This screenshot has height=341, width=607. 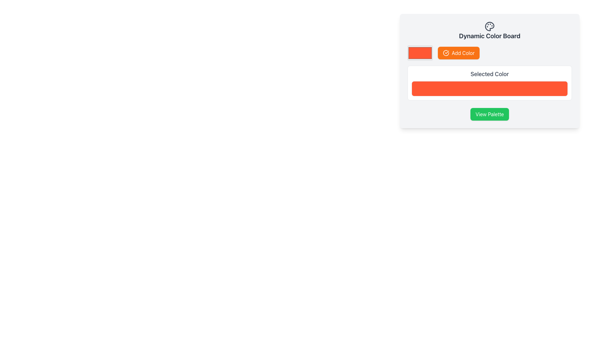 What do you see at coordinates (420, 53) in the screenshot?
I see `the color picker input` at bounding box center [420, 53].